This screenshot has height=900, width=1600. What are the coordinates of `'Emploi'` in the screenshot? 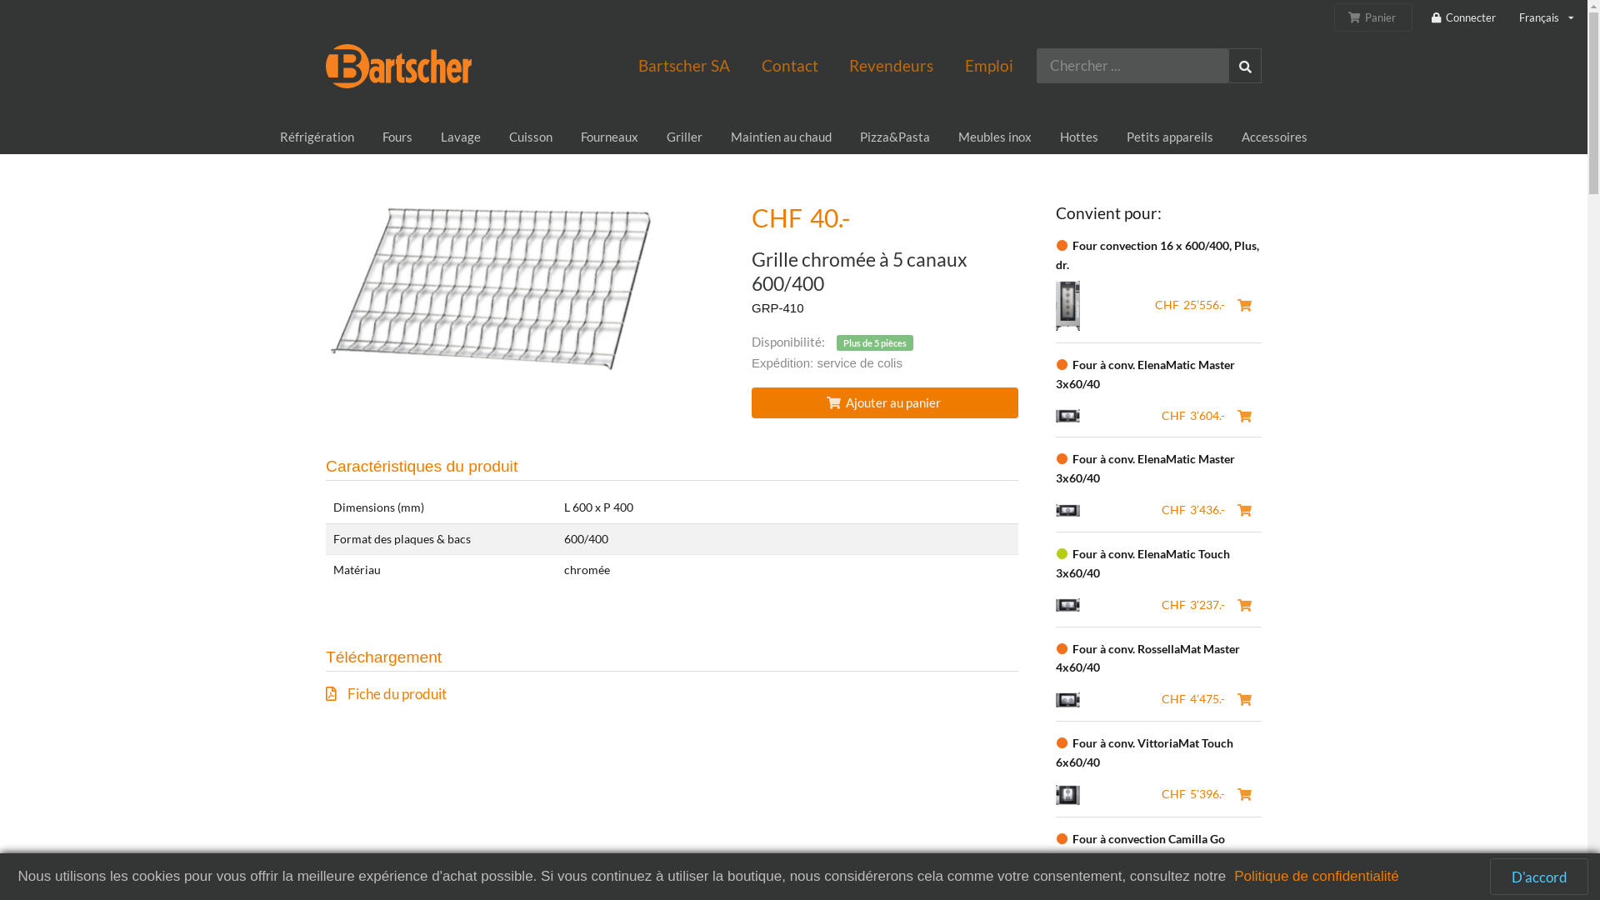 It's located at (988, 64).